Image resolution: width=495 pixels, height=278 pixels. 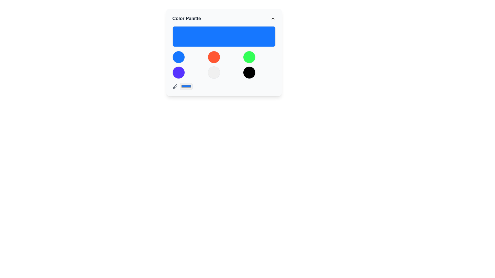 I want to click on the circular button in the bottom row, middle column of the color selection interface, so click(x=214, y=72).